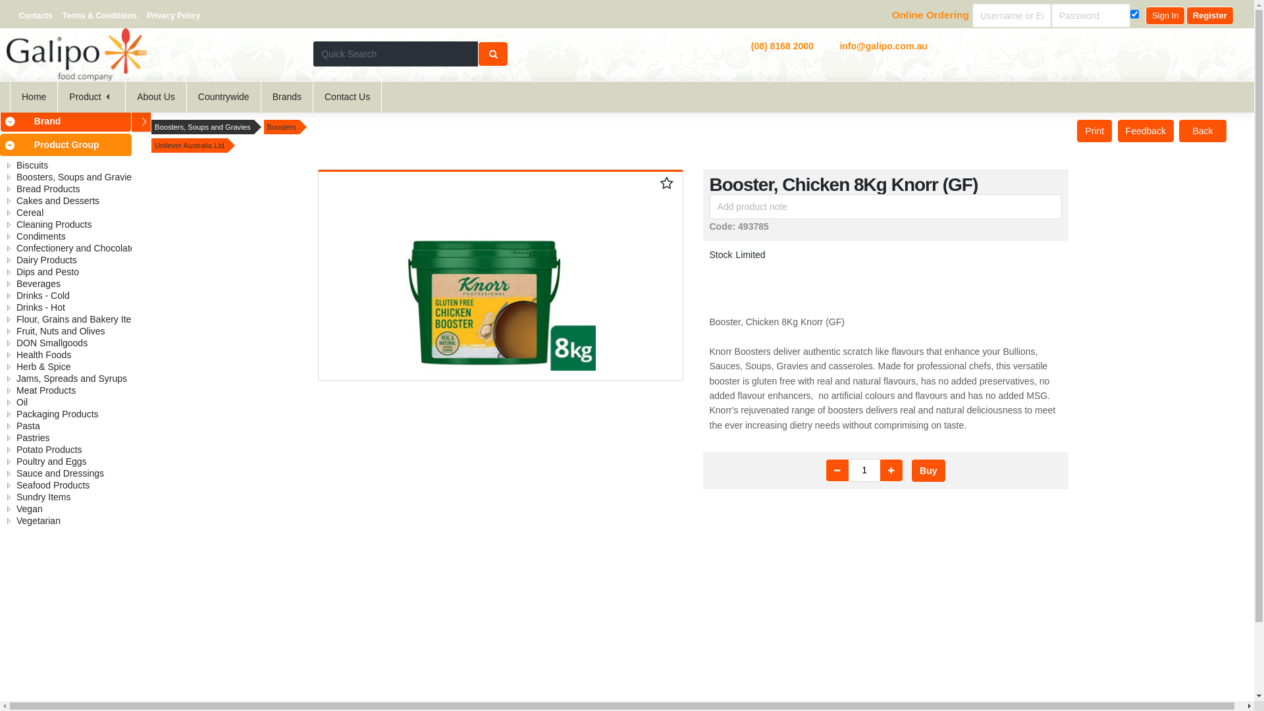  What do you see at coordinates (15, 390) in the screenshot?
I see `'Meat Products'` at bounding box center [15, 390].